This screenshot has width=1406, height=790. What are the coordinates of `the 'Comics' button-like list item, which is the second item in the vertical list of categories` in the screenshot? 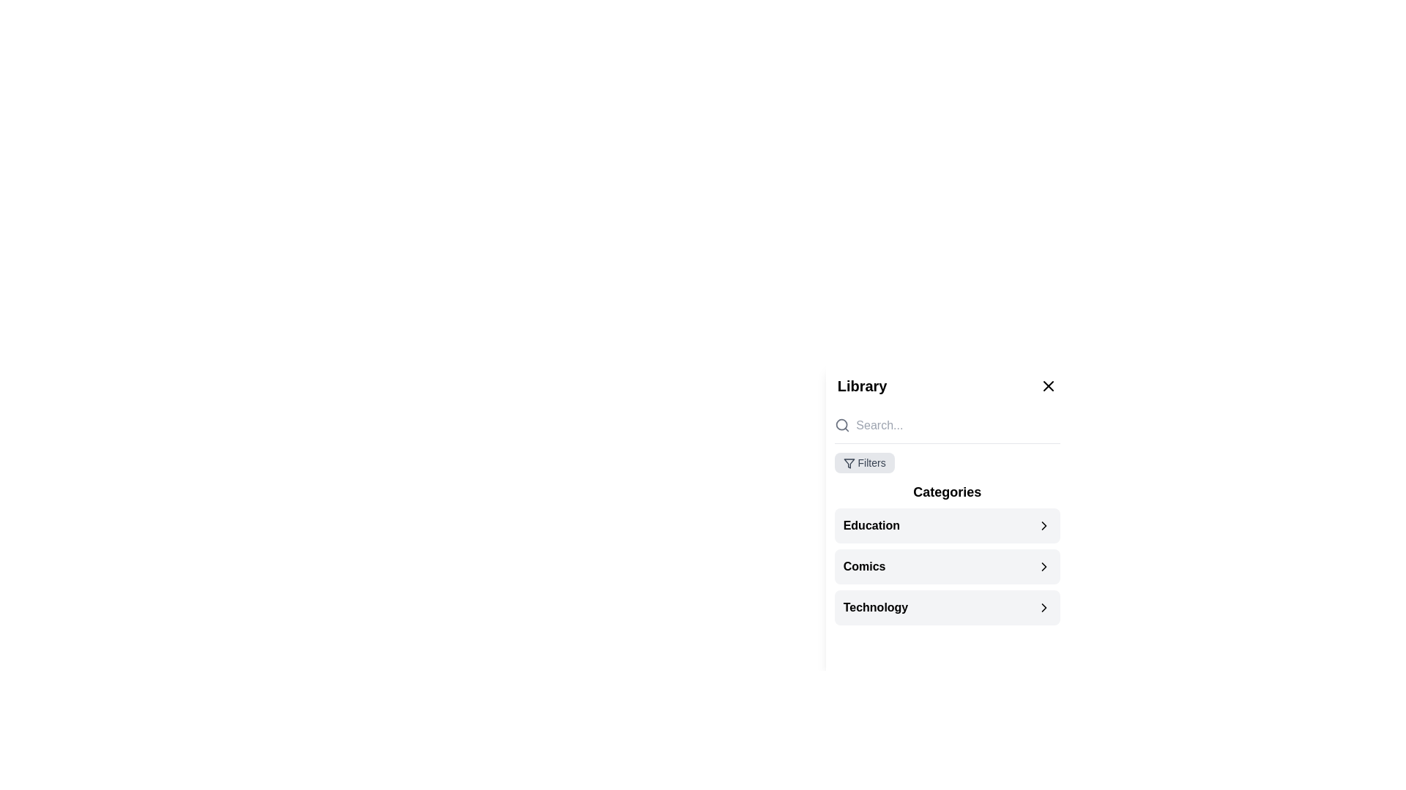 It's located at (947, 566).